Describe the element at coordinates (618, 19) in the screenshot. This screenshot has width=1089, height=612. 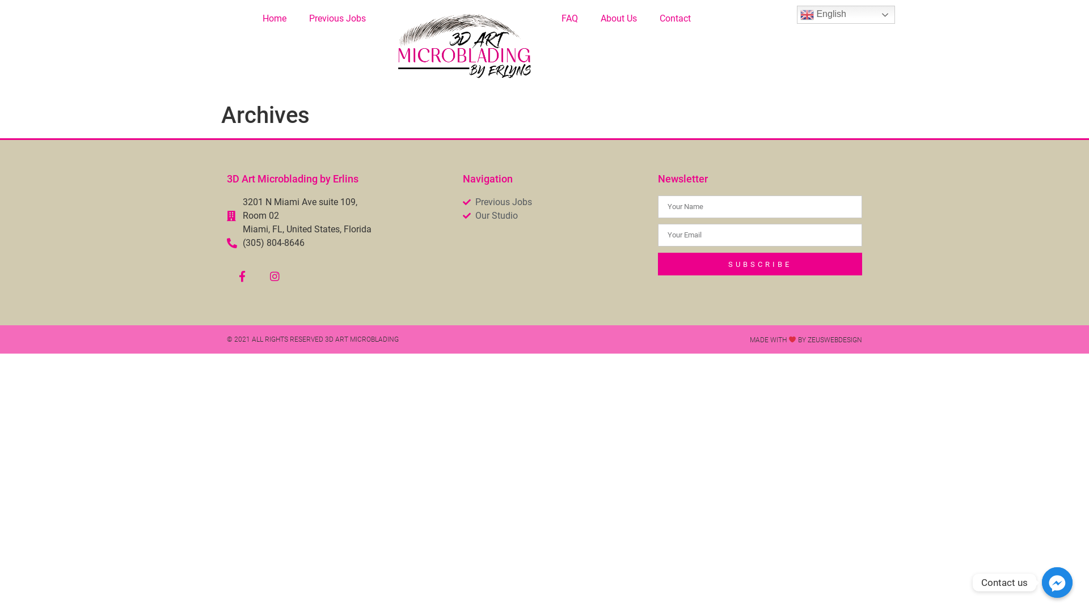
I see `'About Us'` at that location.